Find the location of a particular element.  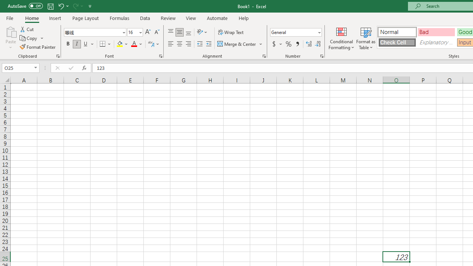

'Bottom Align' is located at coordinates (188, 32).